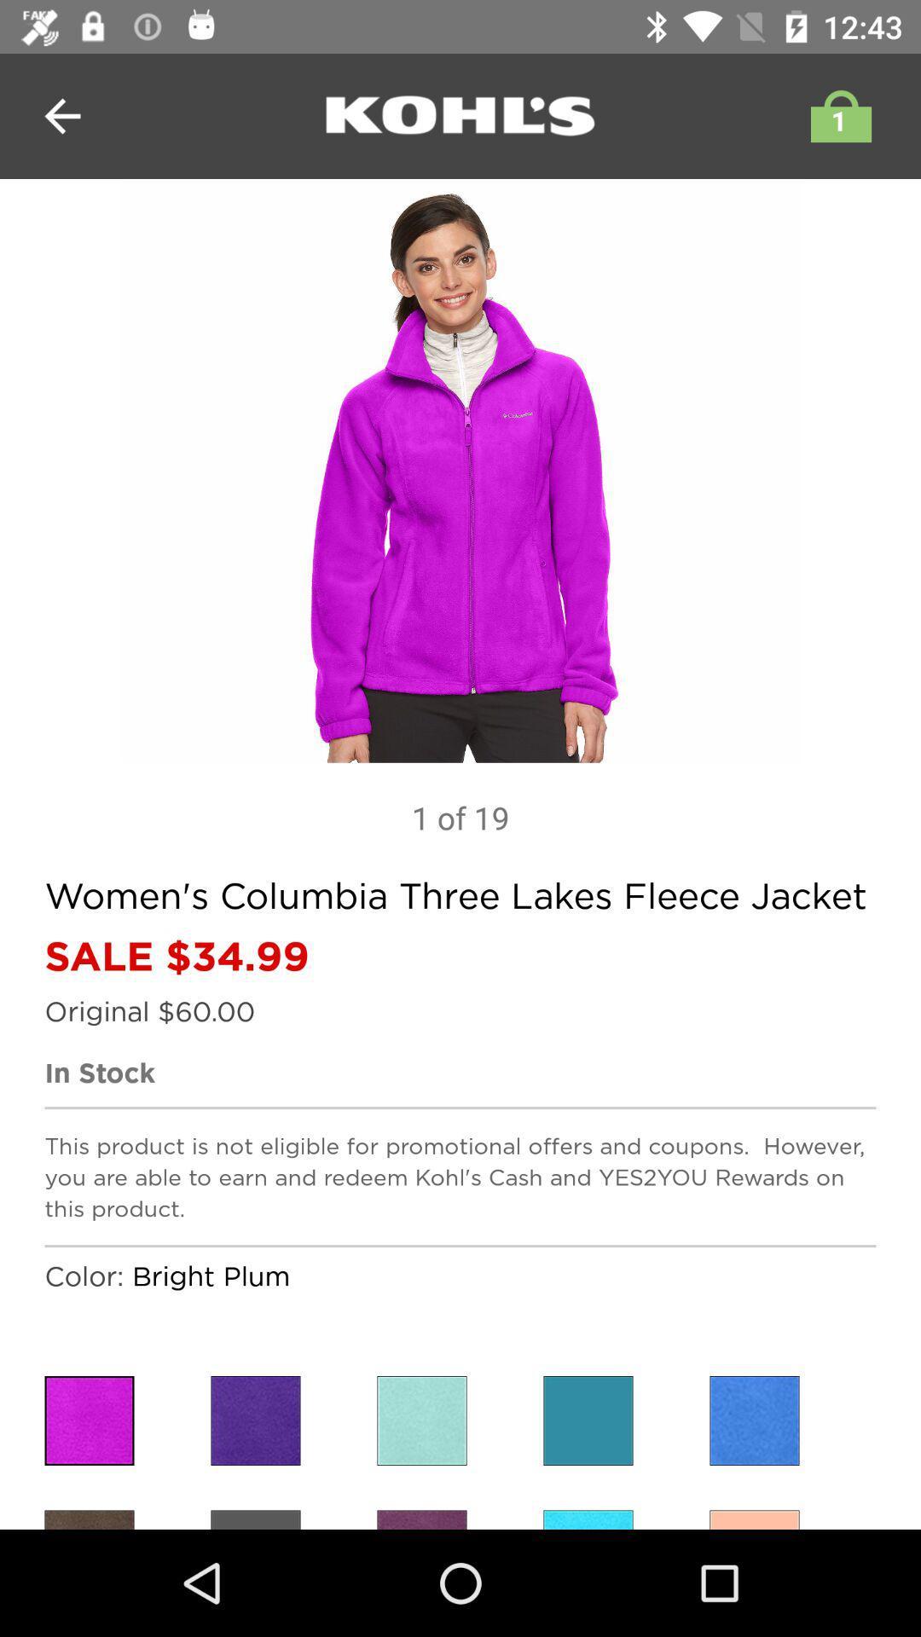 The height and width of the screenshot is (1637, 921). I want to click on choose bright plum, so click(256, 1420).